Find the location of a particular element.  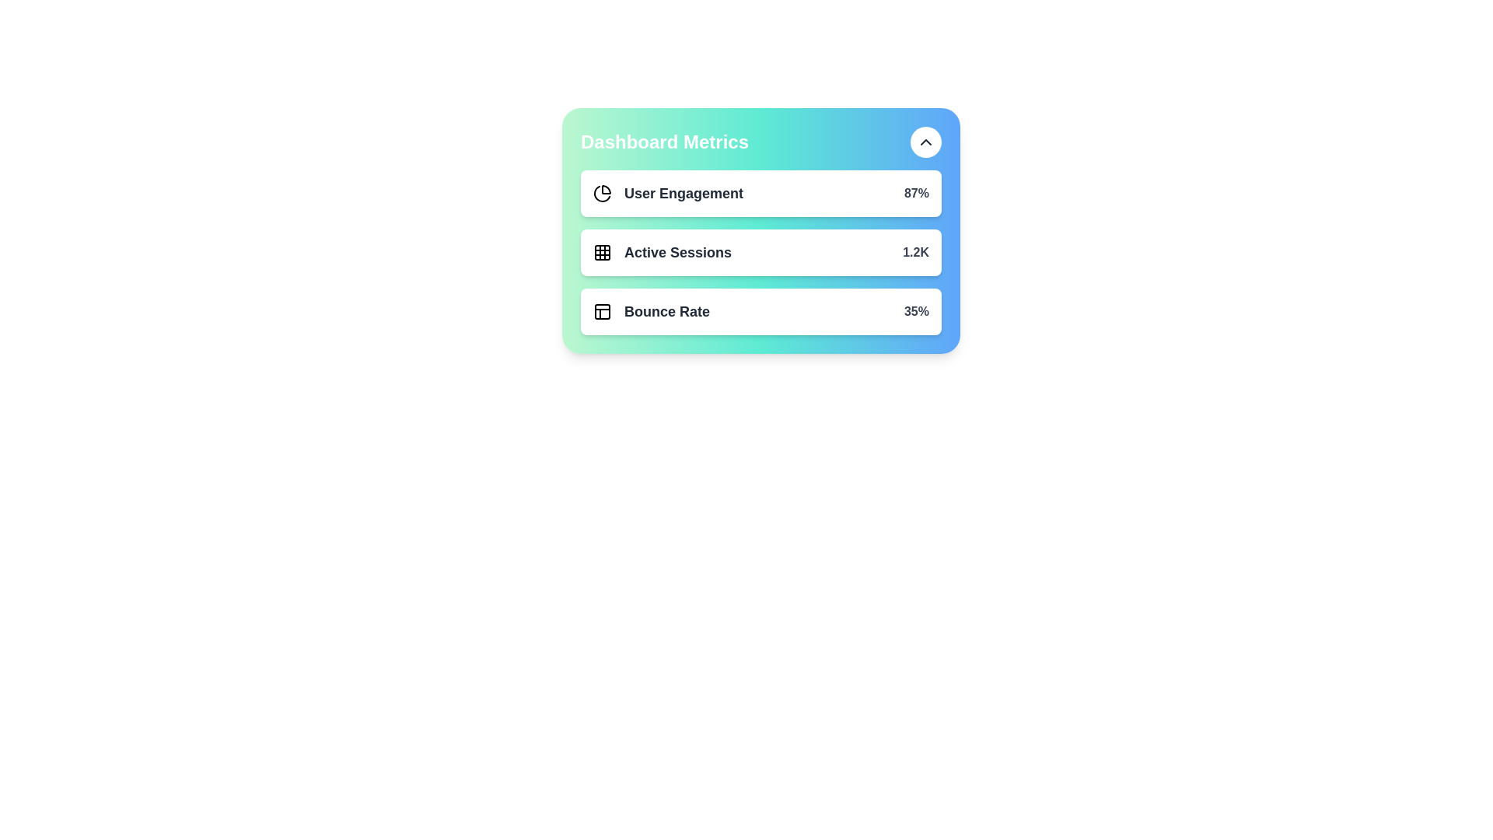

the metric item Bounce Rate to observe the hover effect is located at coordinates (761, 312).